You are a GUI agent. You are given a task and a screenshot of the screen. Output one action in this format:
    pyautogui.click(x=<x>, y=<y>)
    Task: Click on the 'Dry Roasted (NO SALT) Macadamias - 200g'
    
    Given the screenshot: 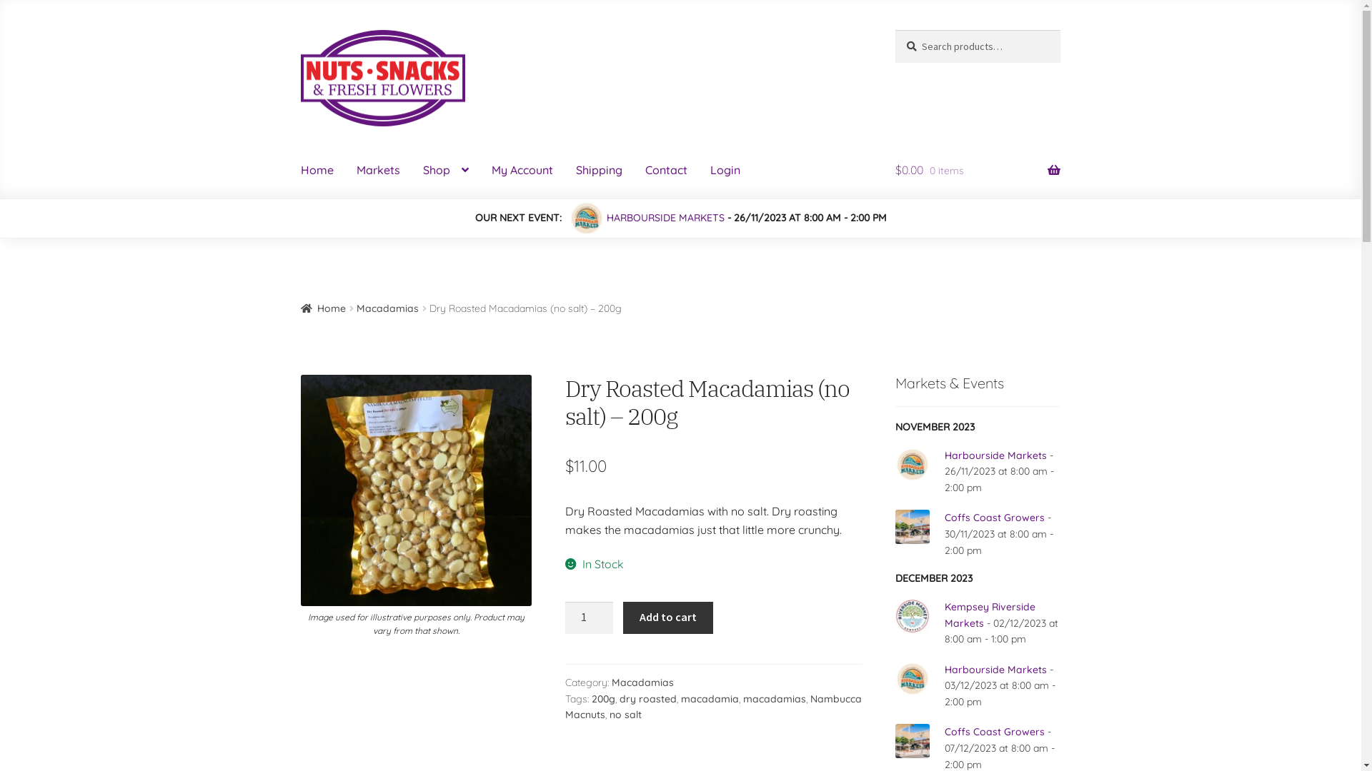 What is the action you would take?
    pyautogui.click(x=415, y=489)
    